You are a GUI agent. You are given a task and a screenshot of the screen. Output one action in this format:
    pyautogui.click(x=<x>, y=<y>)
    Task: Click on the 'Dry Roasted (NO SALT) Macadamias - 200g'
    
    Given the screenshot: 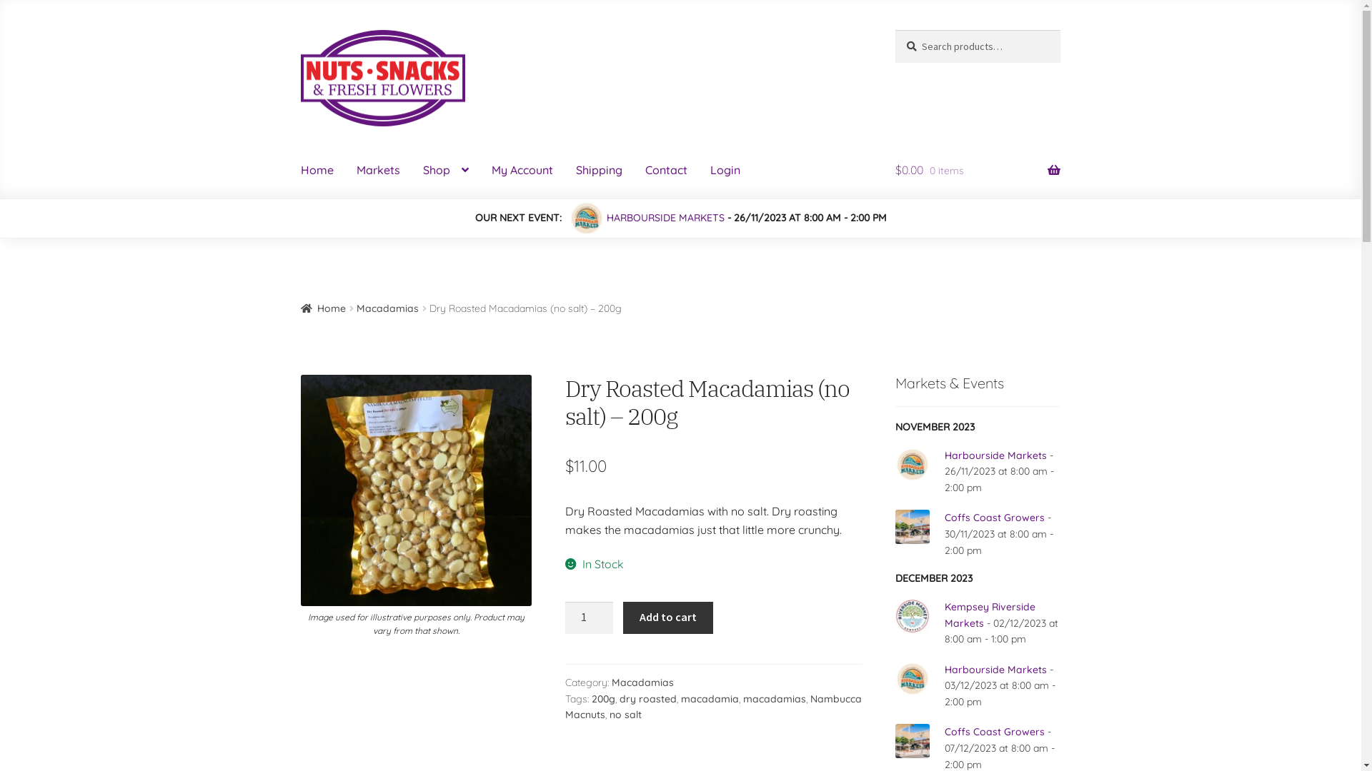 What is the action you would take?
    pyautogui.click(x=415, y=489)
    